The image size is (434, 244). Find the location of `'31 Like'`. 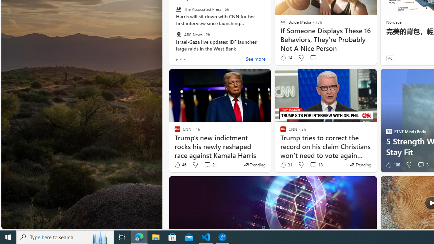

'31 Like' is located at coordinates (286, 165).